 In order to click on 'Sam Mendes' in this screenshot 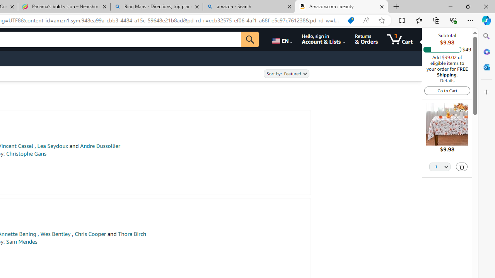, I will do `click(22, 241)`.